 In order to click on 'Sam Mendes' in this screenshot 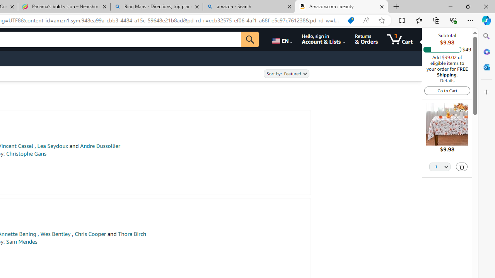, I will do `click(22, 241)`.